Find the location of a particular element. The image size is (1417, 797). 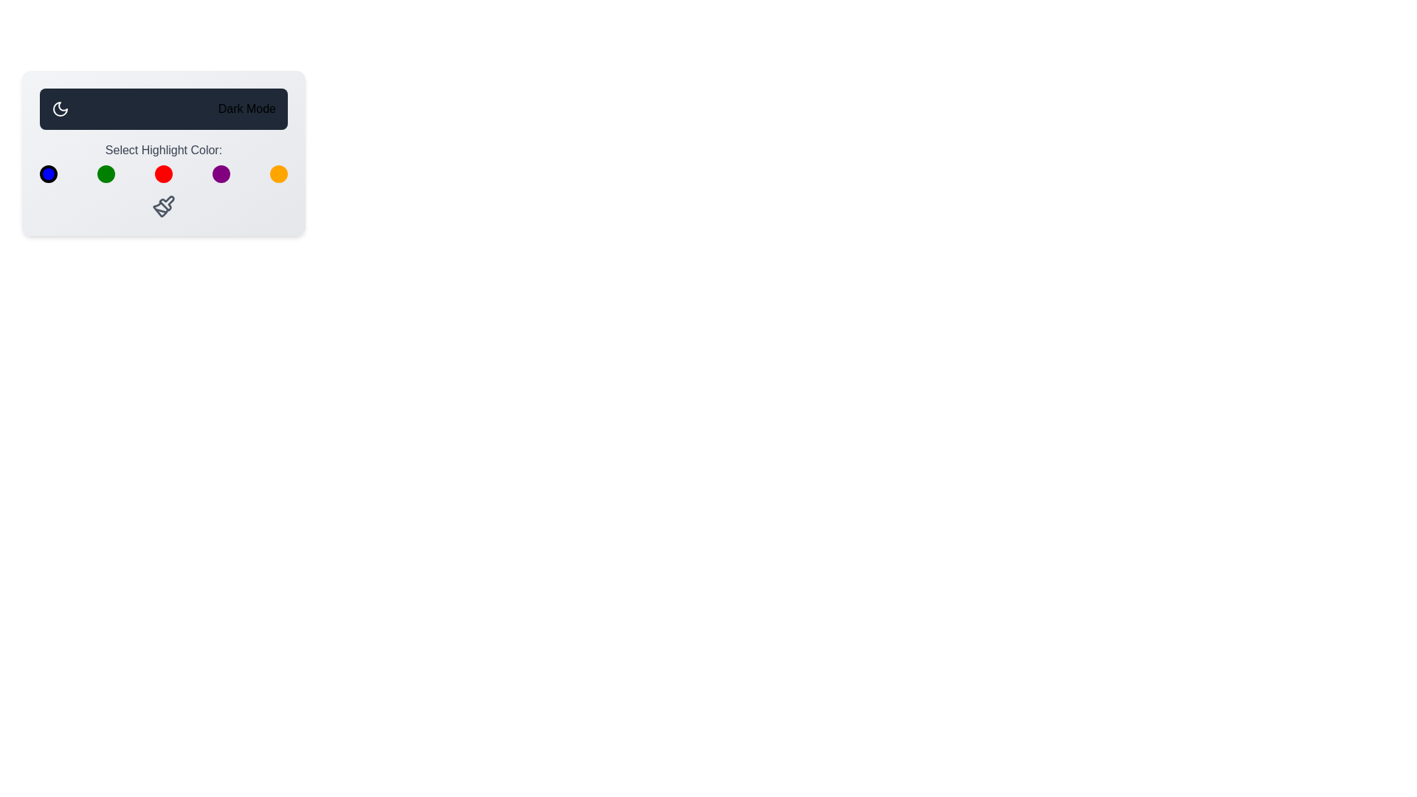

the SVG Paintbrush Icon located below the text 'Select Highlight Color:' is located at coordinates (163, 207).